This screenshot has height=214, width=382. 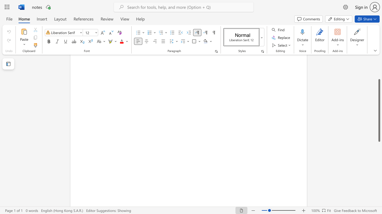 What do you see at coordinates (379, 110) in the screenshot?
I see `the scrollbar and move up 70 pixels` at bounding box center [379, 110].